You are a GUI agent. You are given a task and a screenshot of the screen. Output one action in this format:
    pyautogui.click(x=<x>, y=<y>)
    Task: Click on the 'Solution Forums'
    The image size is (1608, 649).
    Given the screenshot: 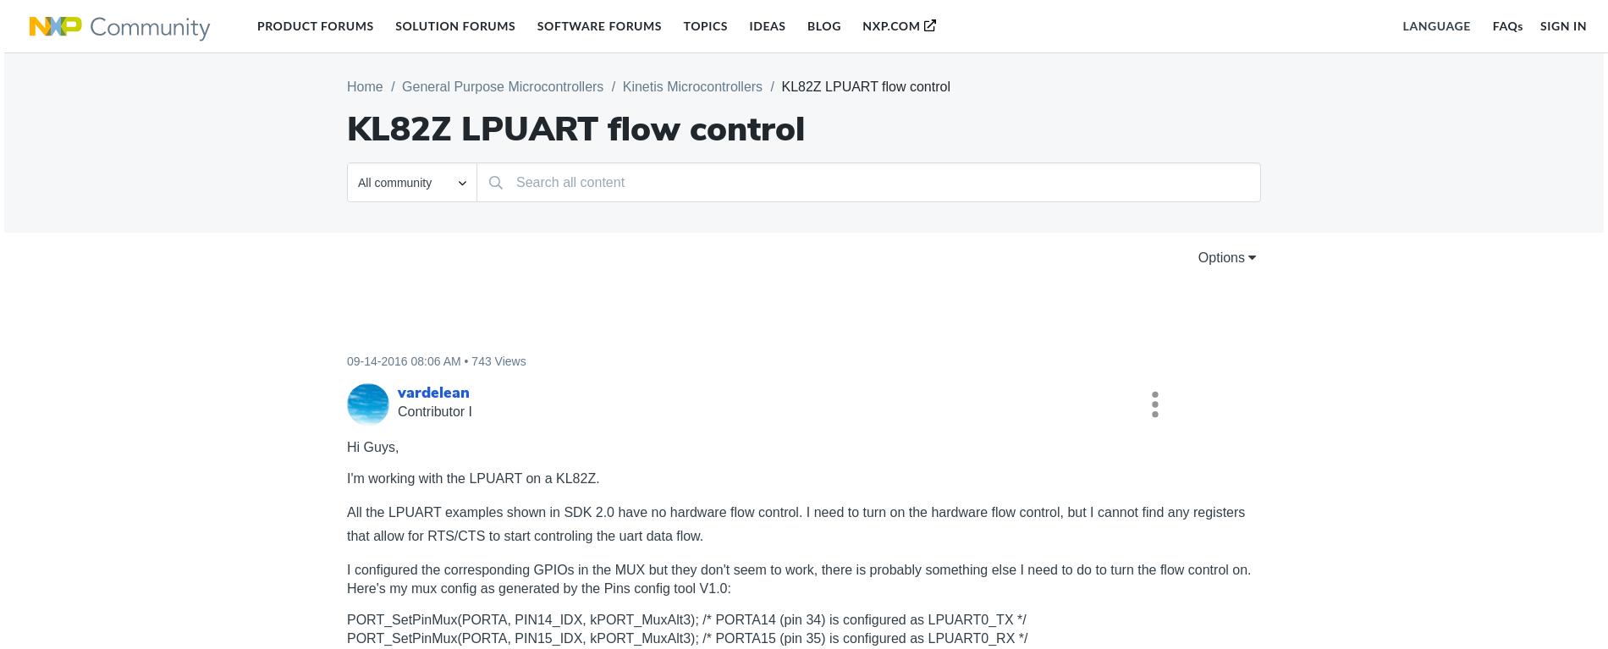 What is the action you would take?
    pyautogui.click(x=394, y=25)
    